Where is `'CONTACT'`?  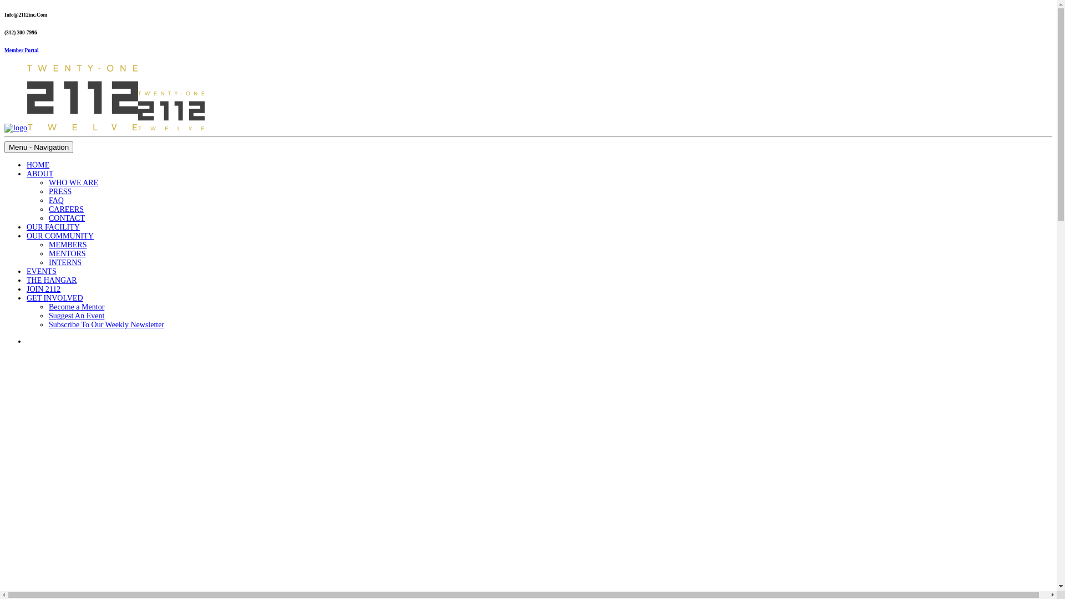 'CONTACT' is located at coordinates (48, 218).